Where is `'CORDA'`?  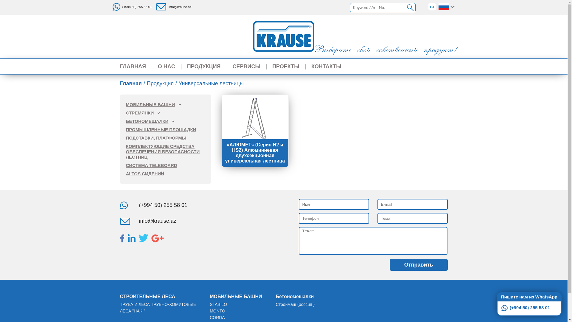
'CORDA' is located at coordinates (217, 317).